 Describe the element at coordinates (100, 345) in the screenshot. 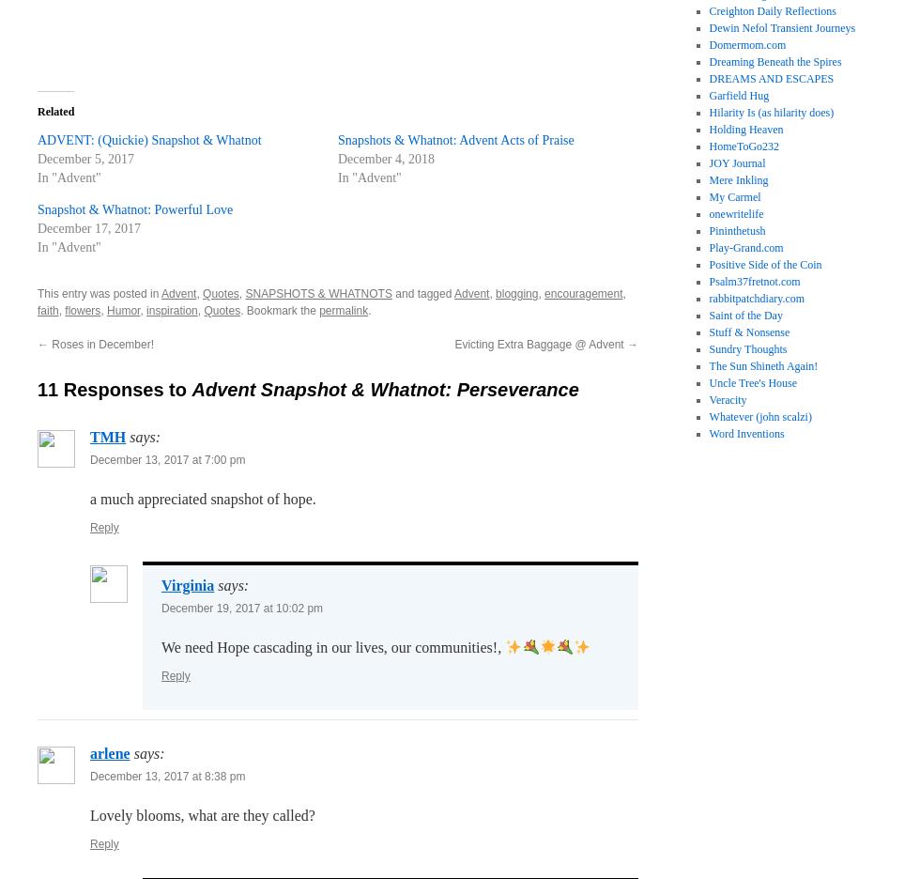

I see `'Roses in December!'` at that location.